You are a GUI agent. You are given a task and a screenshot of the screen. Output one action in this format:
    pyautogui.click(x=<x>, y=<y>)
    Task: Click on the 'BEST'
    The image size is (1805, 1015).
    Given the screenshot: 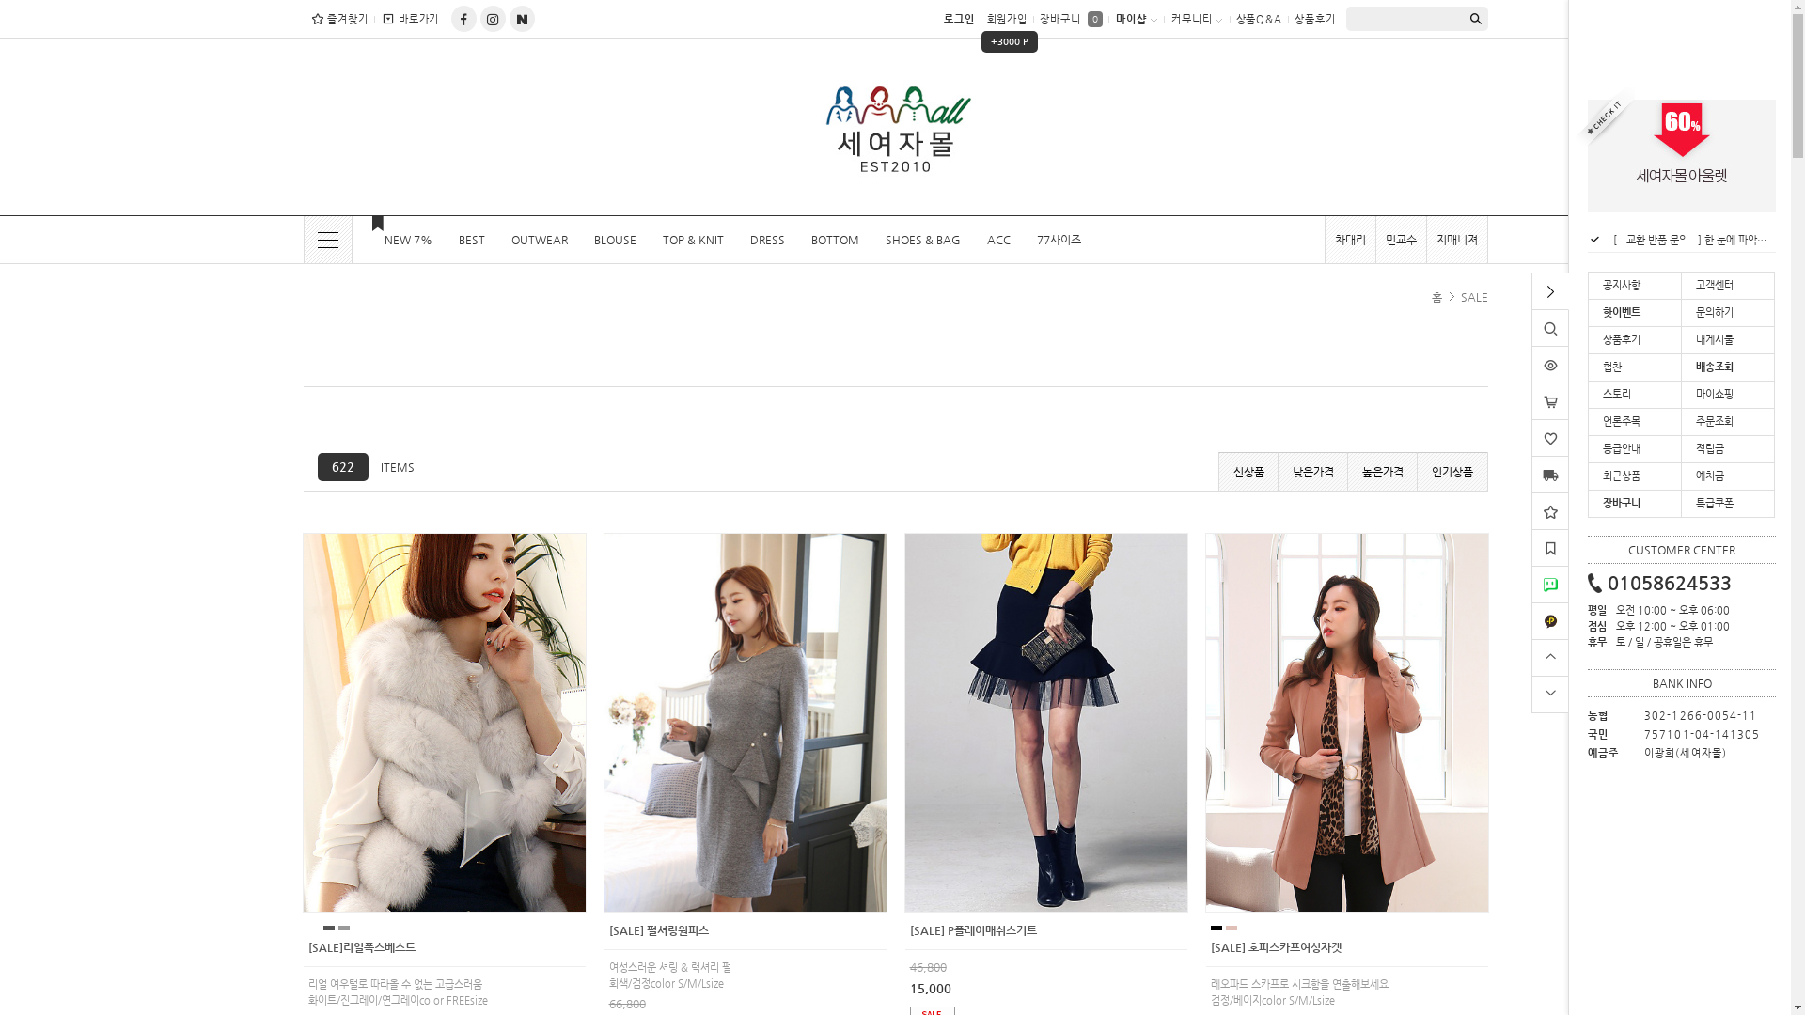 What is the action you would take?
    pyautogui.click(x=472, y=238)
    